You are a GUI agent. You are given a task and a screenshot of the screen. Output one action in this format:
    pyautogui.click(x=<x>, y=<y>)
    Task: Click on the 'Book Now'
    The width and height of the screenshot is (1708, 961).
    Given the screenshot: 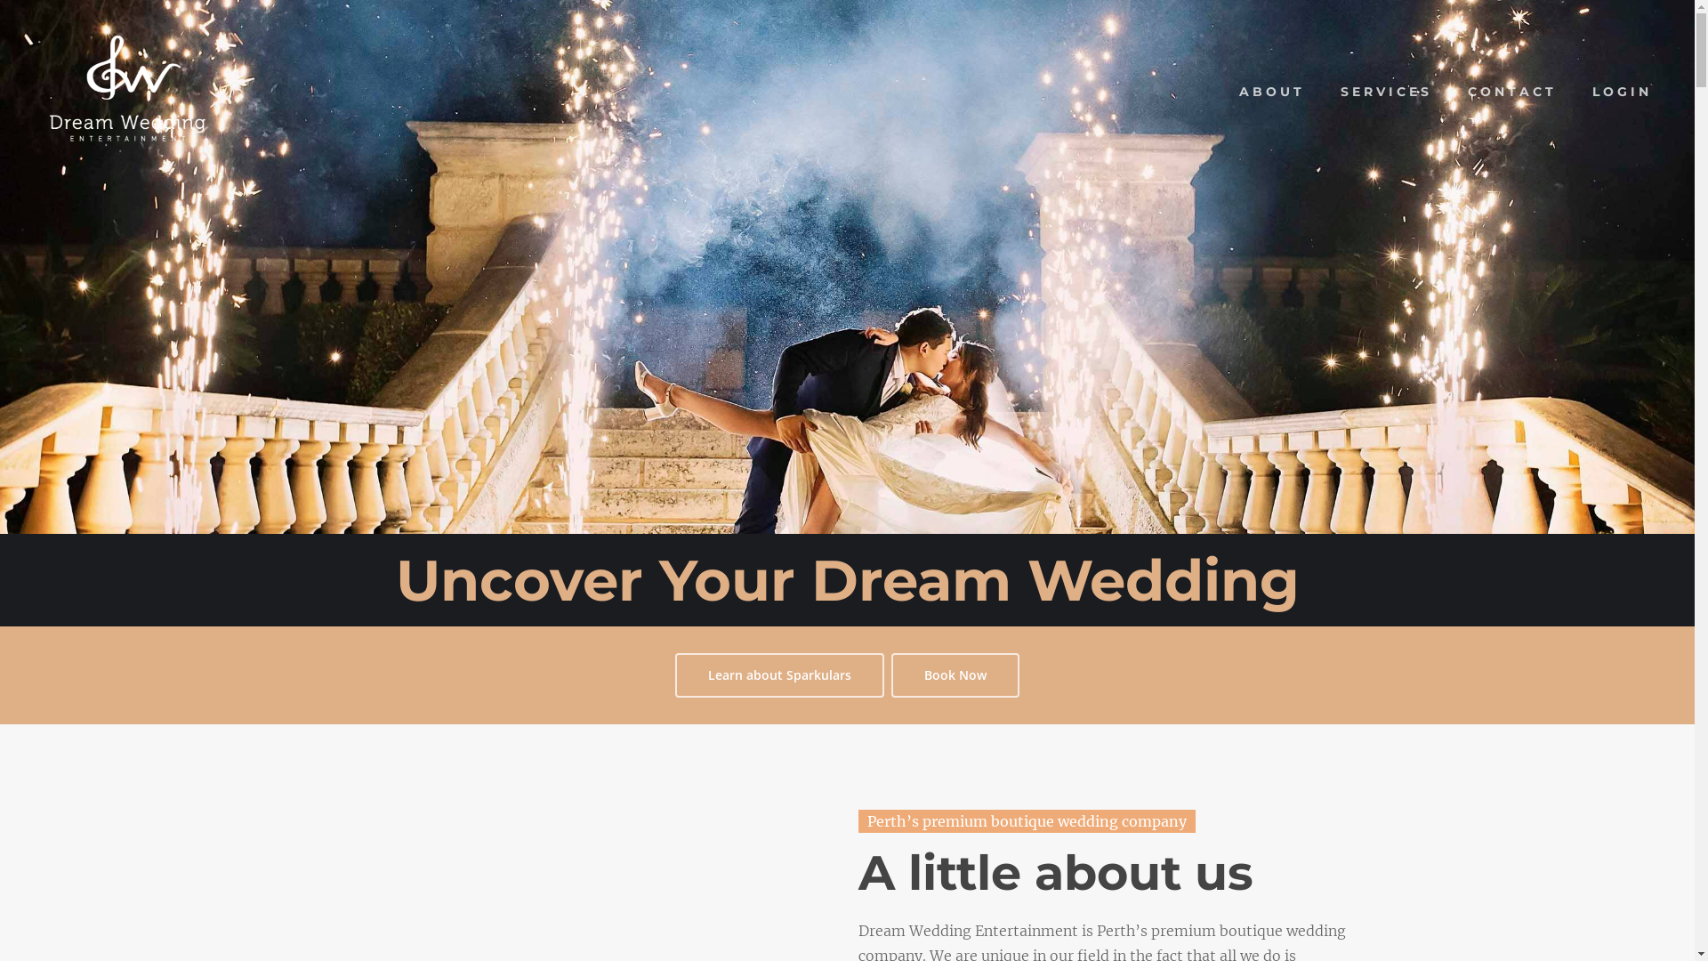 What is the action you would take?
    pyautogui.click(x=955, y=675)
    